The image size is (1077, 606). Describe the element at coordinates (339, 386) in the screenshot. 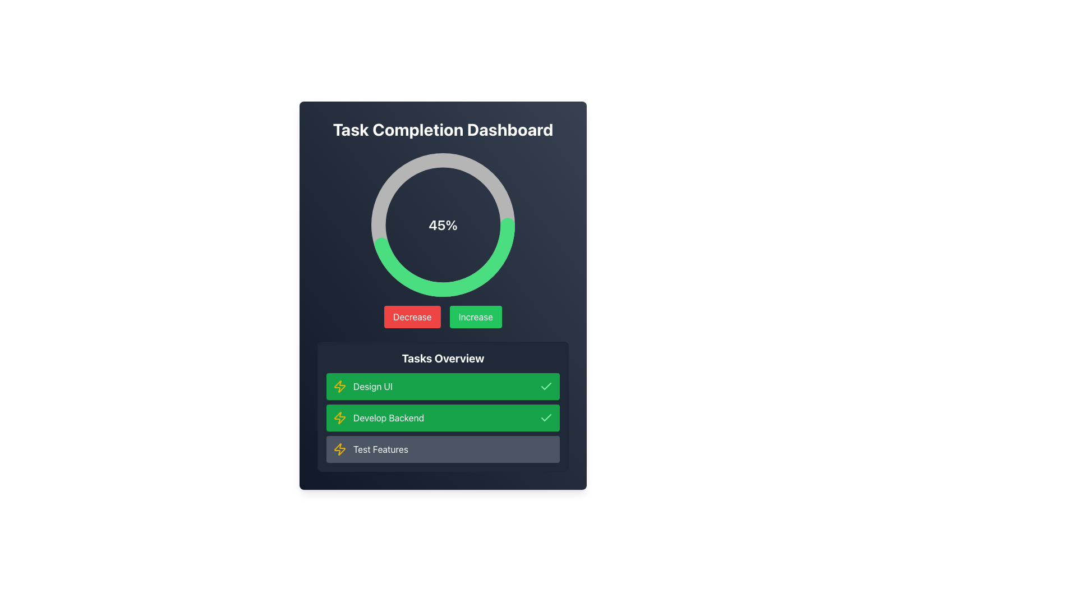

I see `the lightning bolt icon within the green 'Design UI' button, which is located at the top of the 'Tasks Overview' list` at that location.